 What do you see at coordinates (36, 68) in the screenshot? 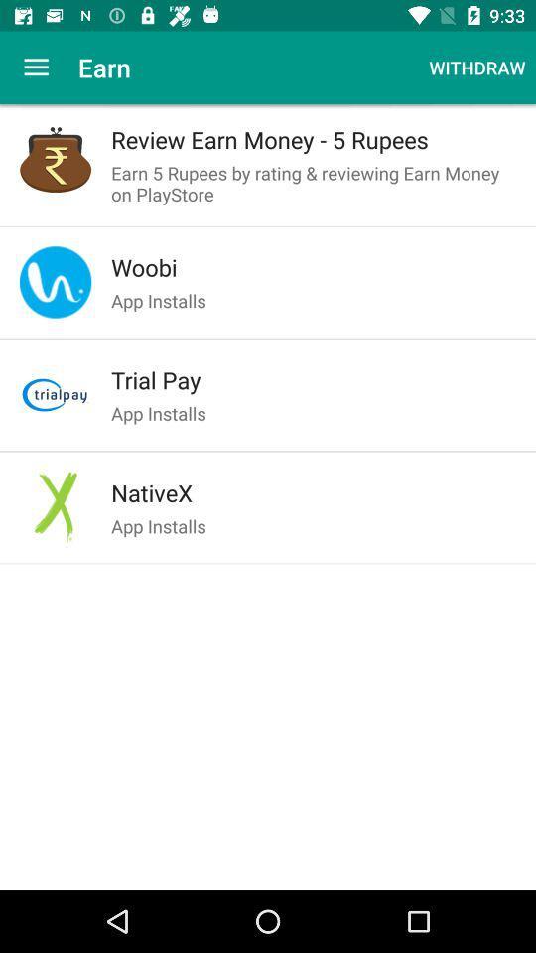
I see `the app to the left of the earn` at bounding box center [36, 68].